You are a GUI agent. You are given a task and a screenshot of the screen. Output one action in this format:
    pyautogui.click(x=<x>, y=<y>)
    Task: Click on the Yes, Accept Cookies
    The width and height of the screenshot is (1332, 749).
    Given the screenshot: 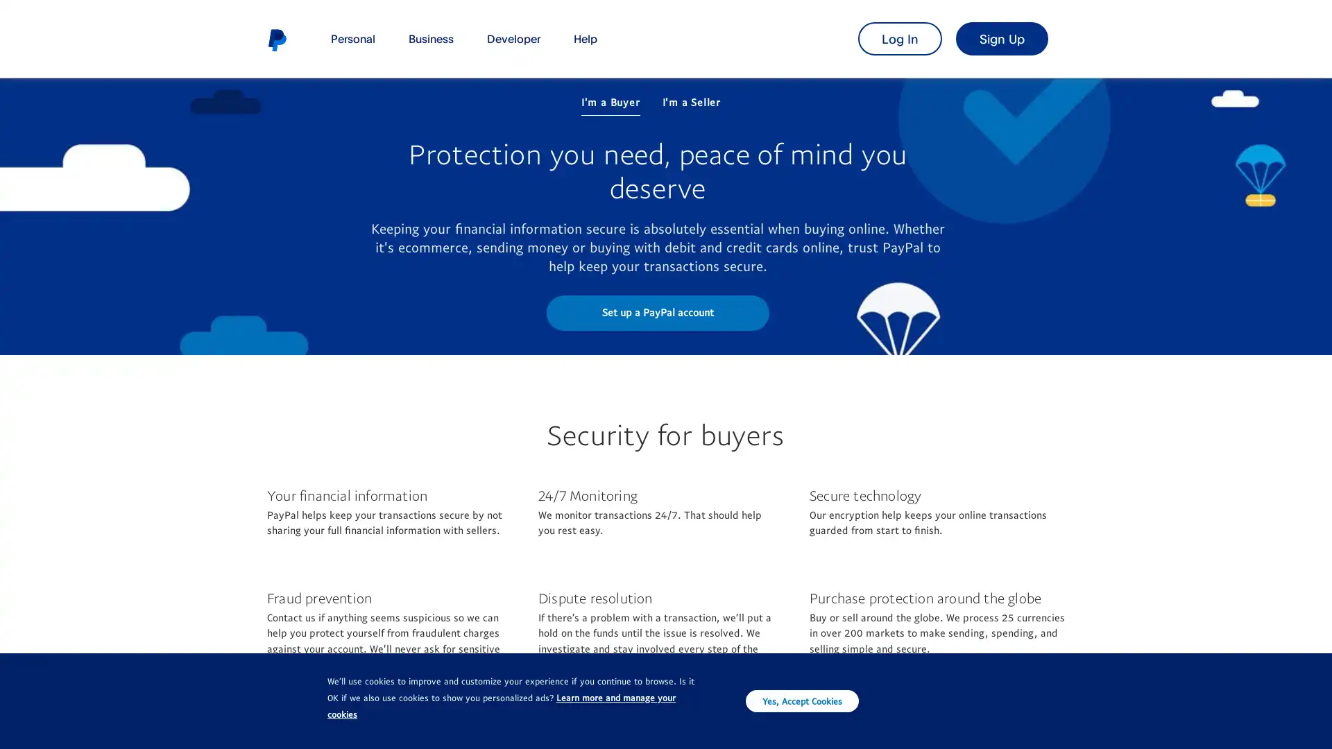 What is the action you would take?
    pyautogui.click(x=802, y=700)
    